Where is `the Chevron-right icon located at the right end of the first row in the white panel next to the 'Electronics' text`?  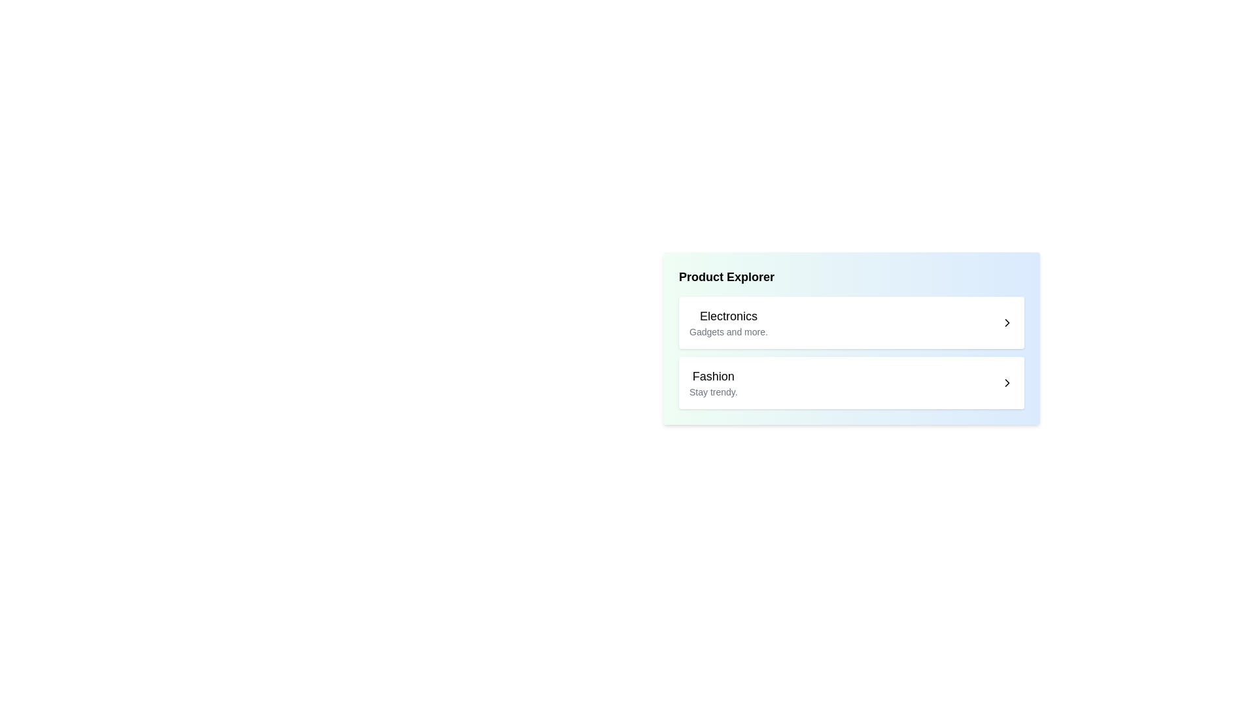 the Chevron-right icon located at the right end of the first row in the white panel next to the 'Electronics' text is located at coordinates (1007, 322).